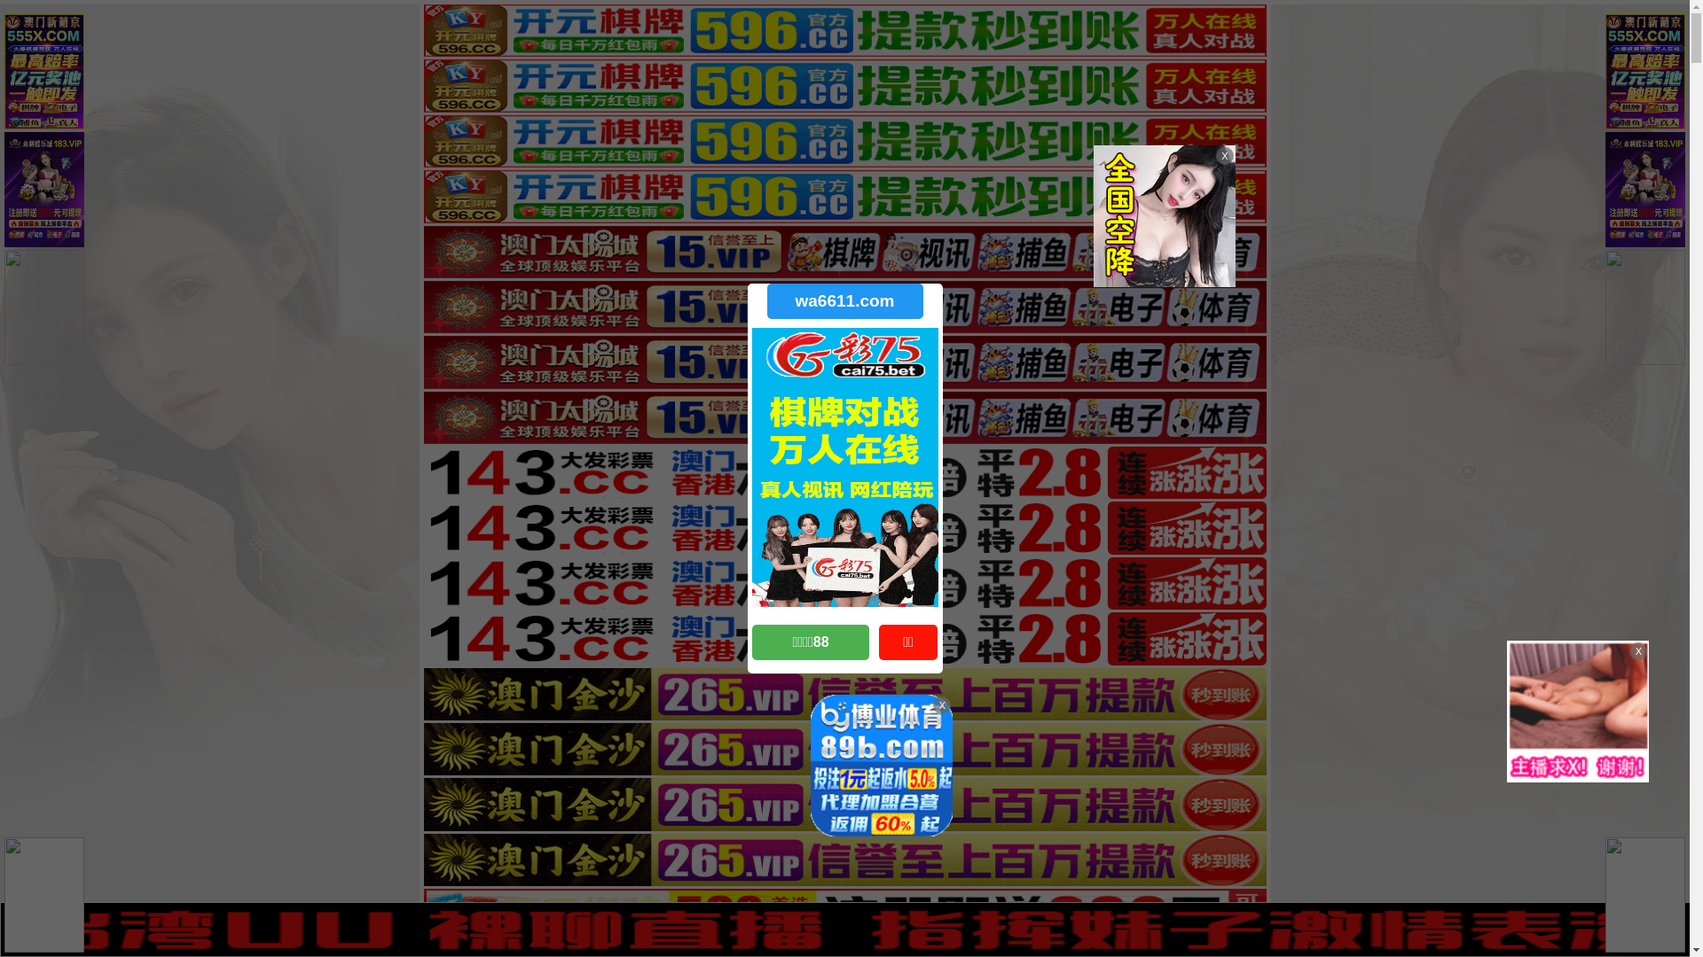 This screenshot has width=1703, height=957. What do you see at coordinates (766, 300) in the screenshot?
I see `'wa6611.com'` at bounding box center [766, 300].